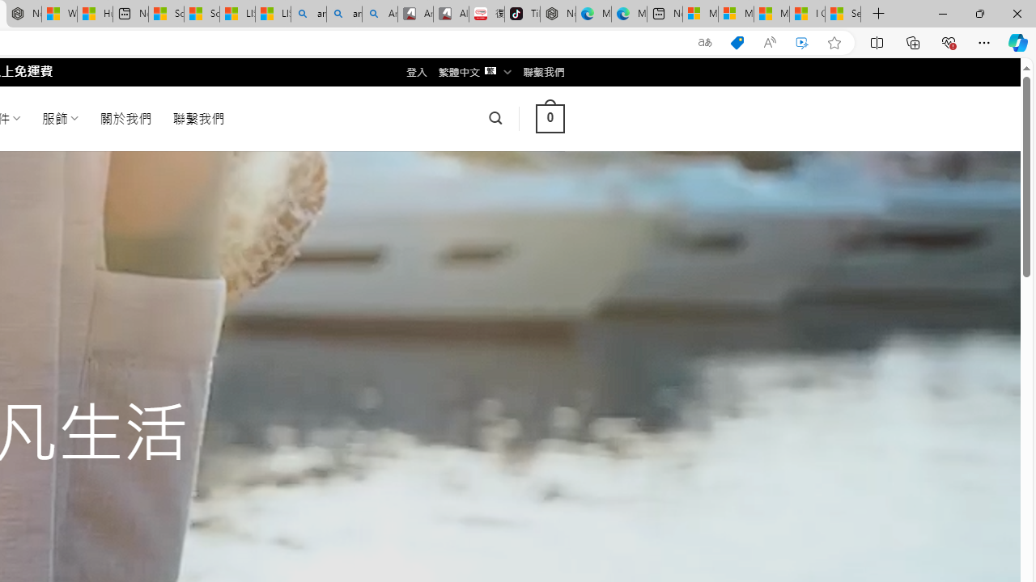  I want to click on 'Nordace - Best Sellers', so click(558, 14).